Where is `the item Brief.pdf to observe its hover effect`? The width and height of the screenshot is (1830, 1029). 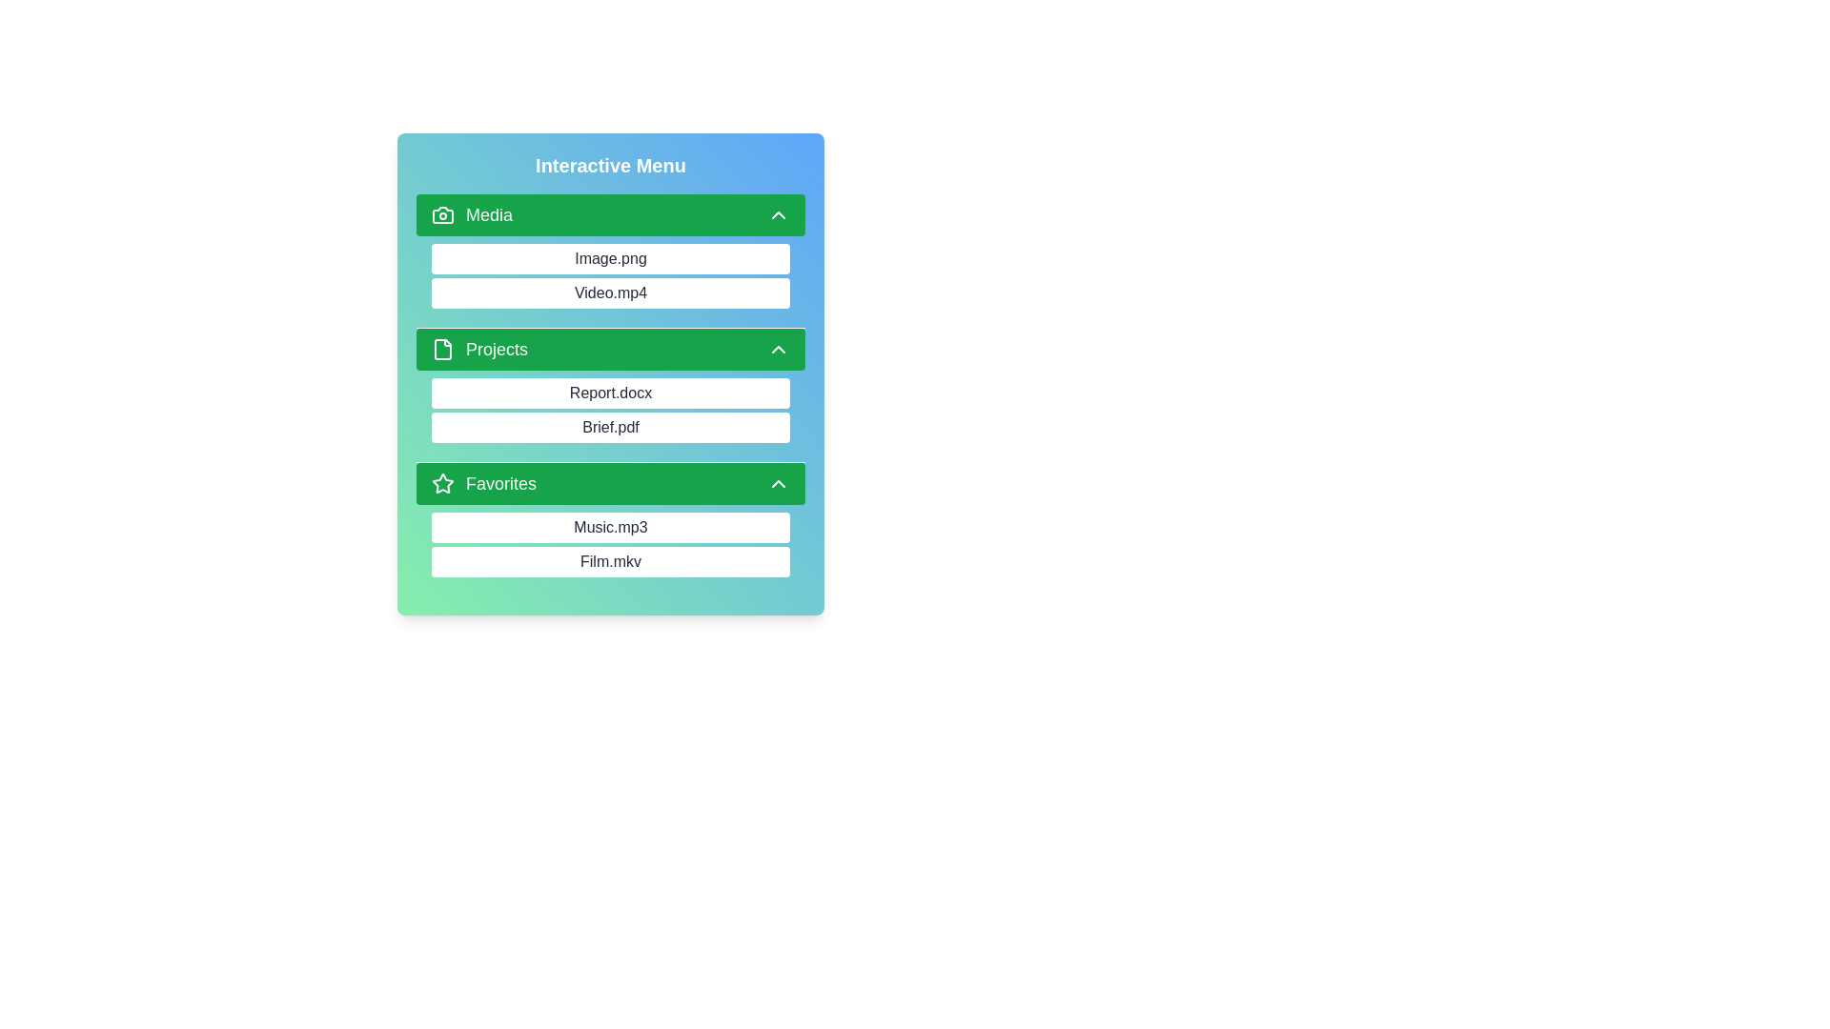
the item Brief.pdf to observe its hover effect is located at coordinates (611, 426).